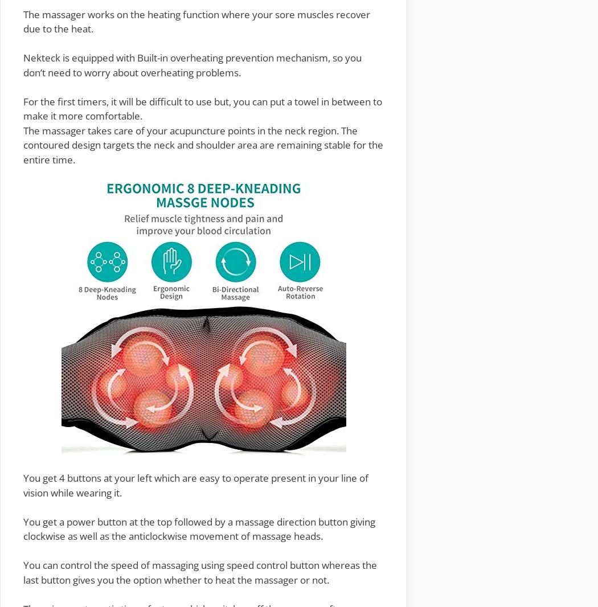  What do you see at coordinates (192, 64) in the screenshot?
I see `', so you don’t need to worry about overheating problems.'` at bounding box center [192, 64].